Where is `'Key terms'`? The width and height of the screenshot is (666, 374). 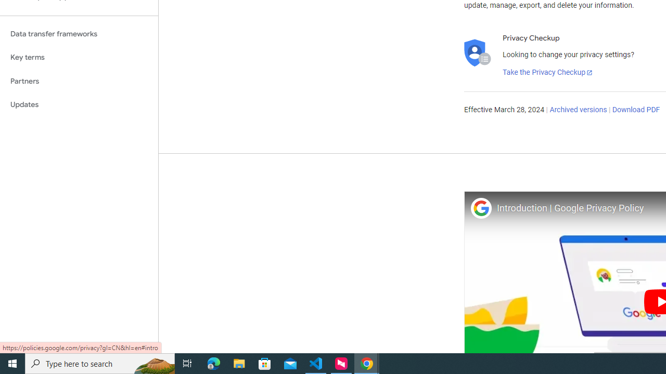 'Key terms' is located at coordinates (79, 57).